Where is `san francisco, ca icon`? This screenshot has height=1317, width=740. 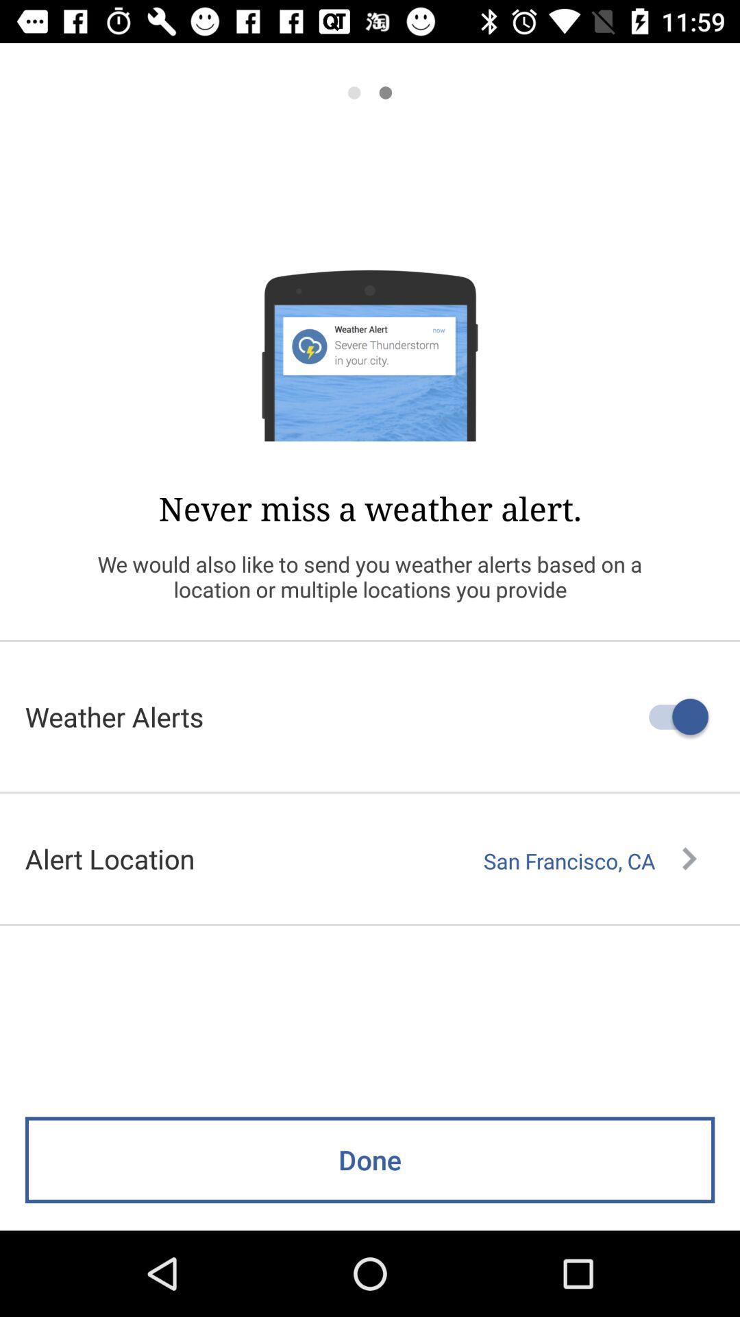
san francisco, ca icon is located at coordinates (589, 860).